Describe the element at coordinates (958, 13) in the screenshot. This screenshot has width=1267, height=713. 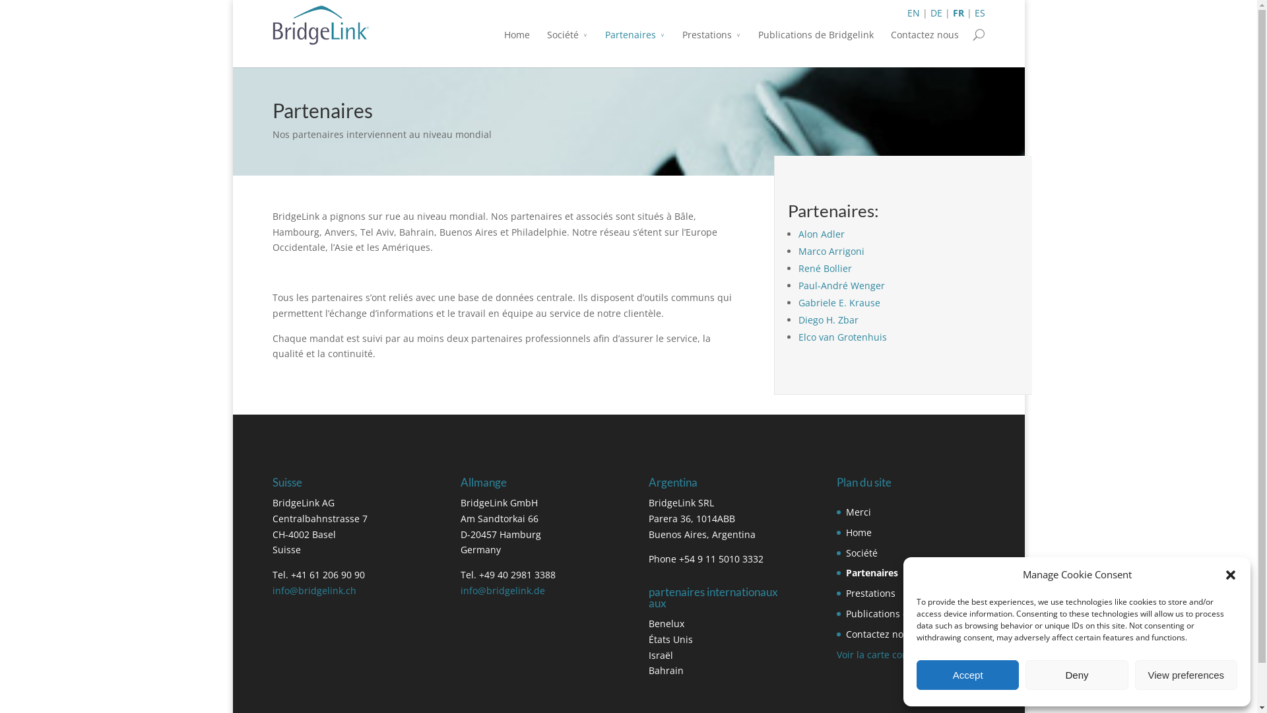
I see `'FR'` at that location.